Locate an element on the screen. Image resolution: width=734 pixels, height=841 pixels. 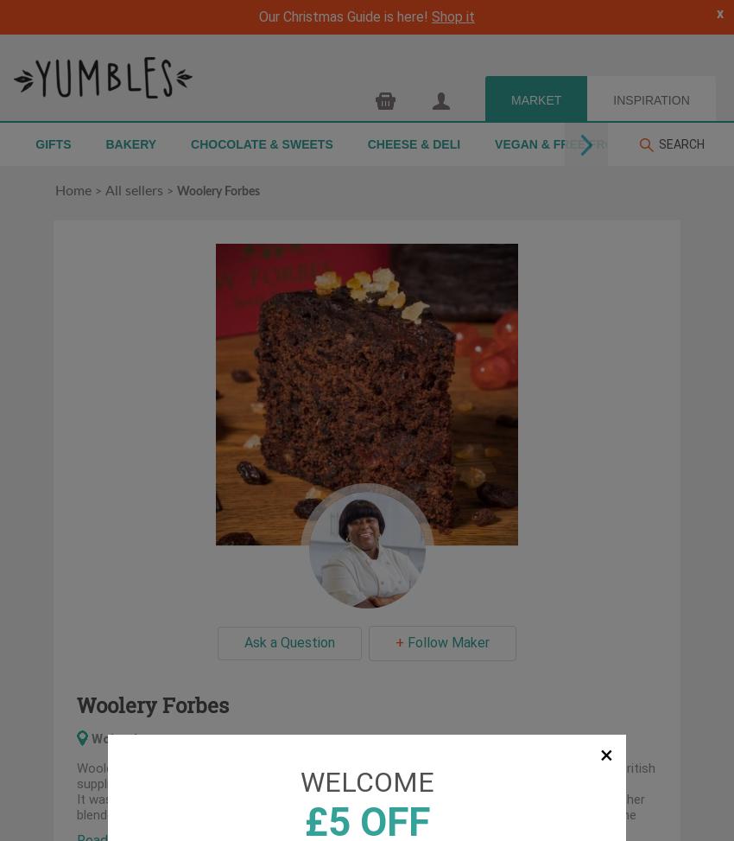
'to you with the help of British suppliers and a great support team of awesome individuals.' is located at coordinates (75, 775).